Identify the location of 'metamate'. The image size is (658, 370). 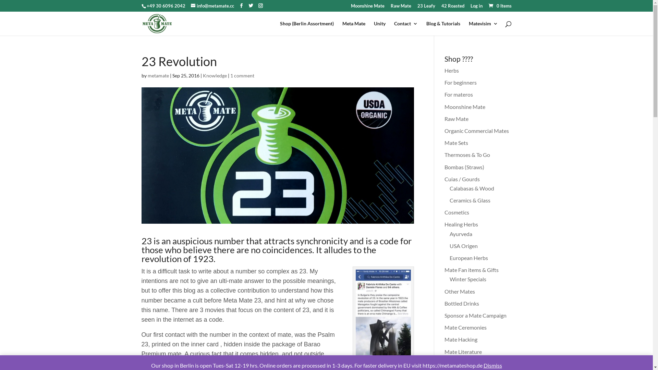
(157, 75).